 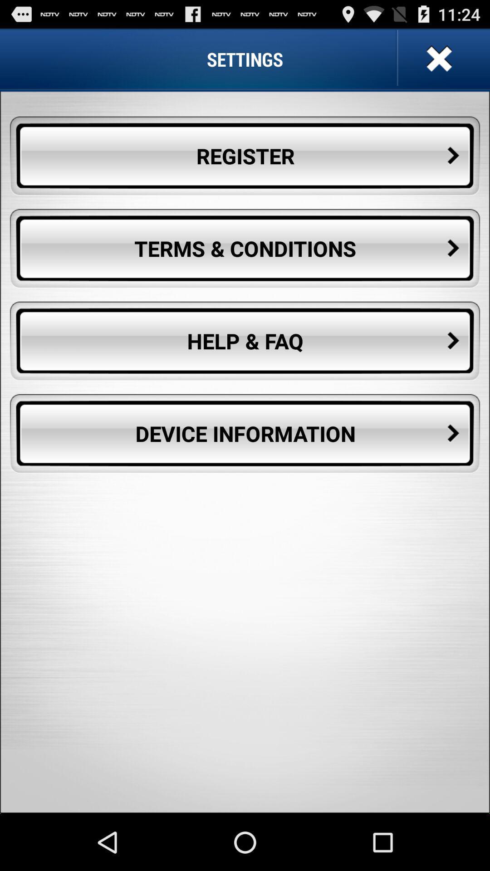 I want to click on register, so click(x=245, y=156).